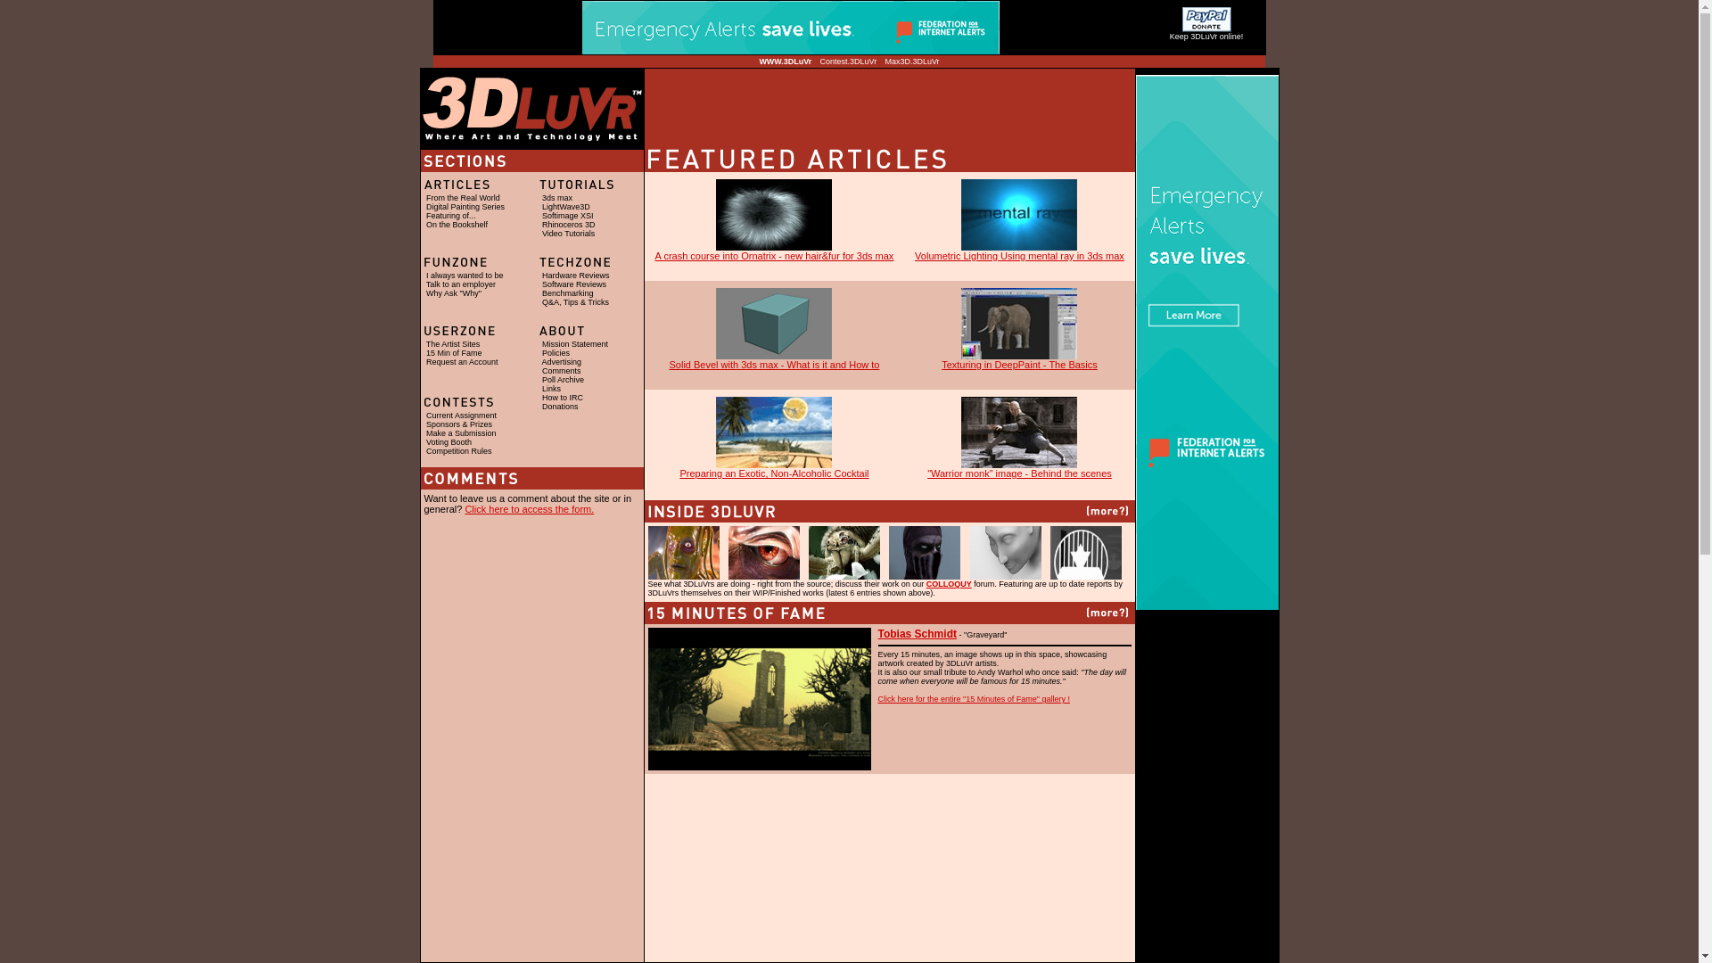 This screenshot has width=1712, height=963. Describe the element at coordinates (425, 284) in the screenshot. I see `'Talk to an employer'` at that location.